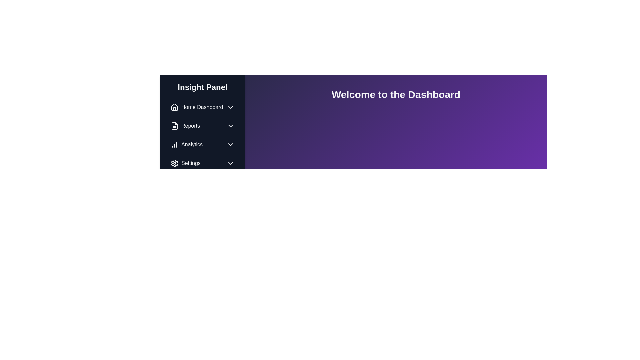 The height and width of the screenshot is (360, 640). What do you see at coordinates (174, 107) in the screenshot?
I see `the house icon located to the left of the 'Home Dashboard' text in the left-hand navigation panel` at bounding box center [174, 107].